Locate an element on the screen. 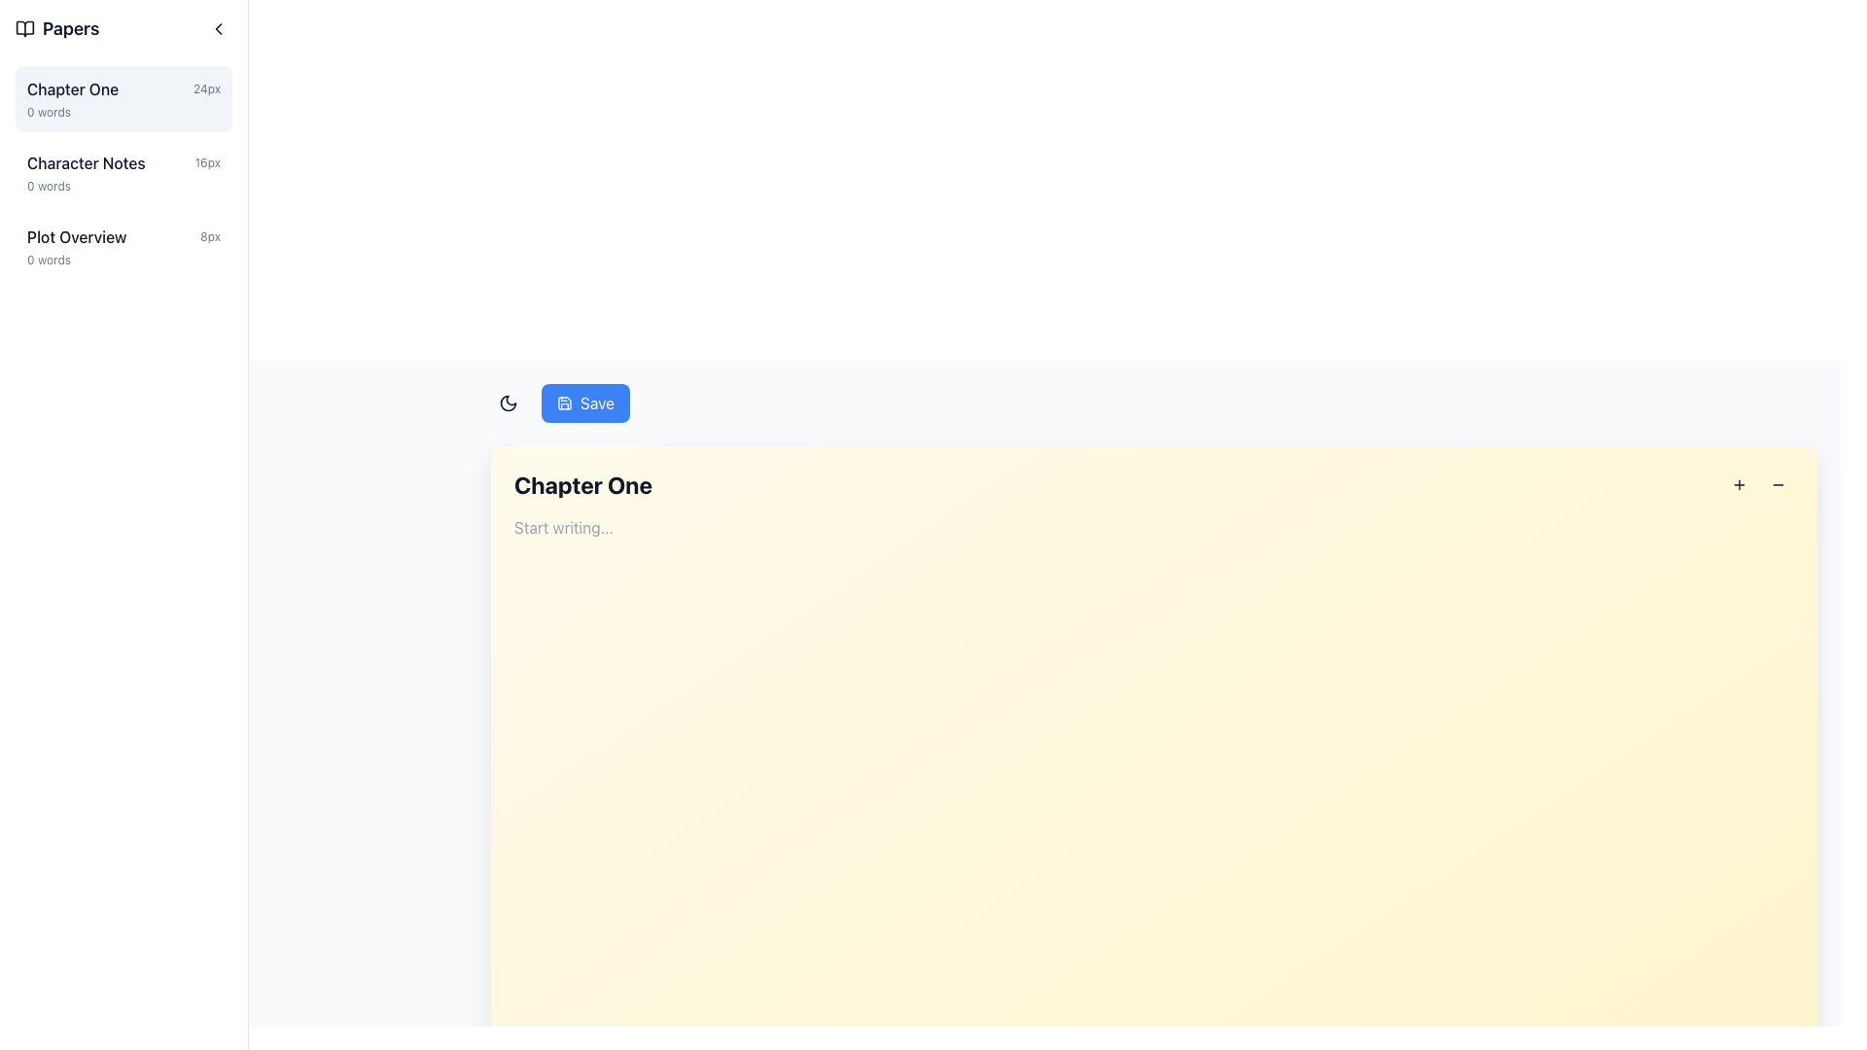  the 'Save' button is located at coordinates (559, 402).